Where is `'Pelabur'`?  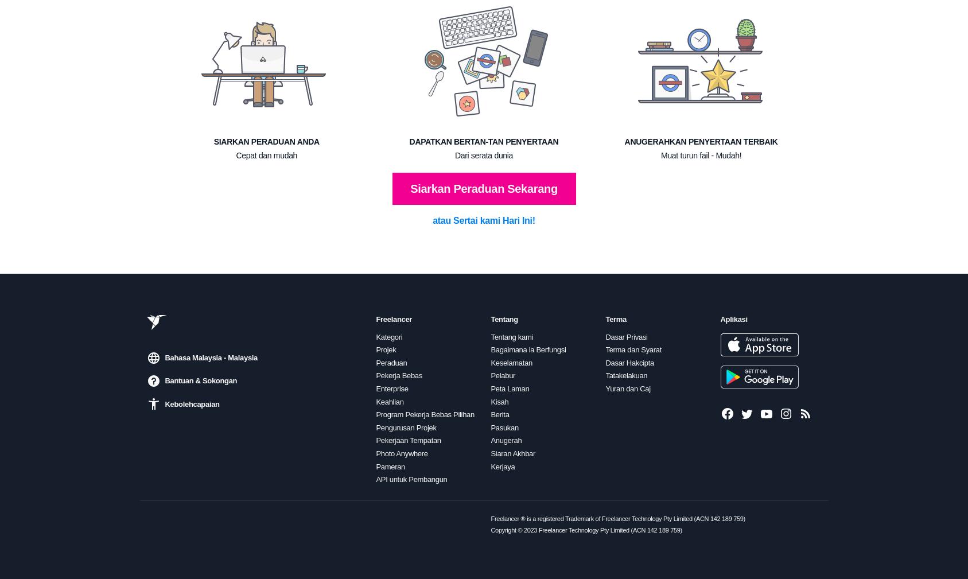
'Pelabur' is located at coordinates (503, 375).